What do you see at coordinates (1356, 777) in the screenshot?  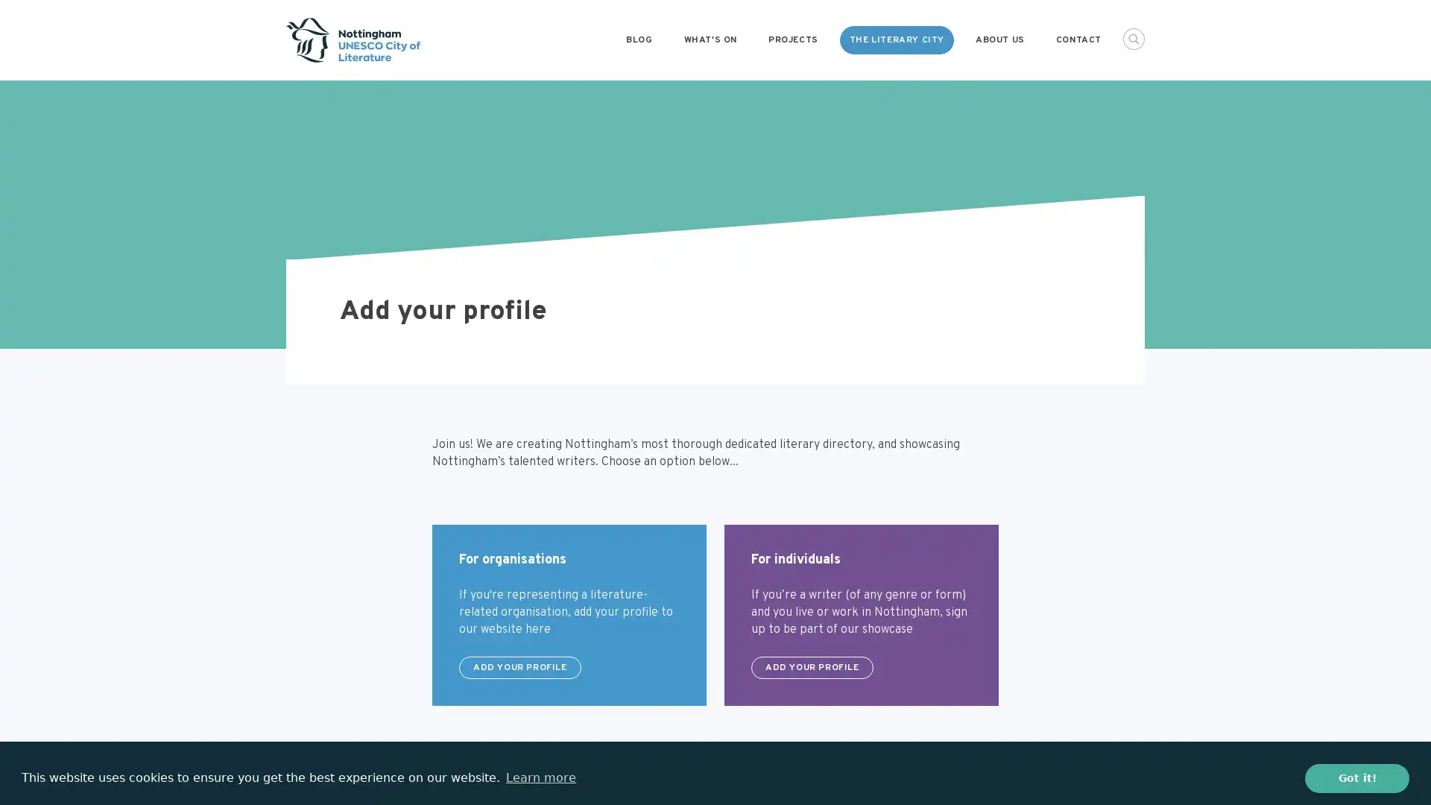 I see `dismiss cookie message` at bounding box center [1356, 777].